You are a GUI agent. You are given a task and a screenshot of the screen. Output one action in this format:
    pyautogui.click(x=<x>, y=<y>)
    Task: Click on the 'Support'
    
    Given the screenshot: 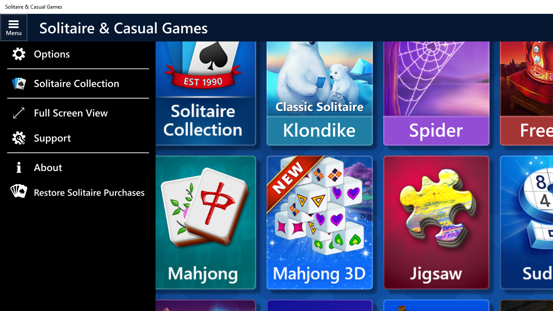 What is the action you would take?
    pyautogui.click(x=77, y=138)
    